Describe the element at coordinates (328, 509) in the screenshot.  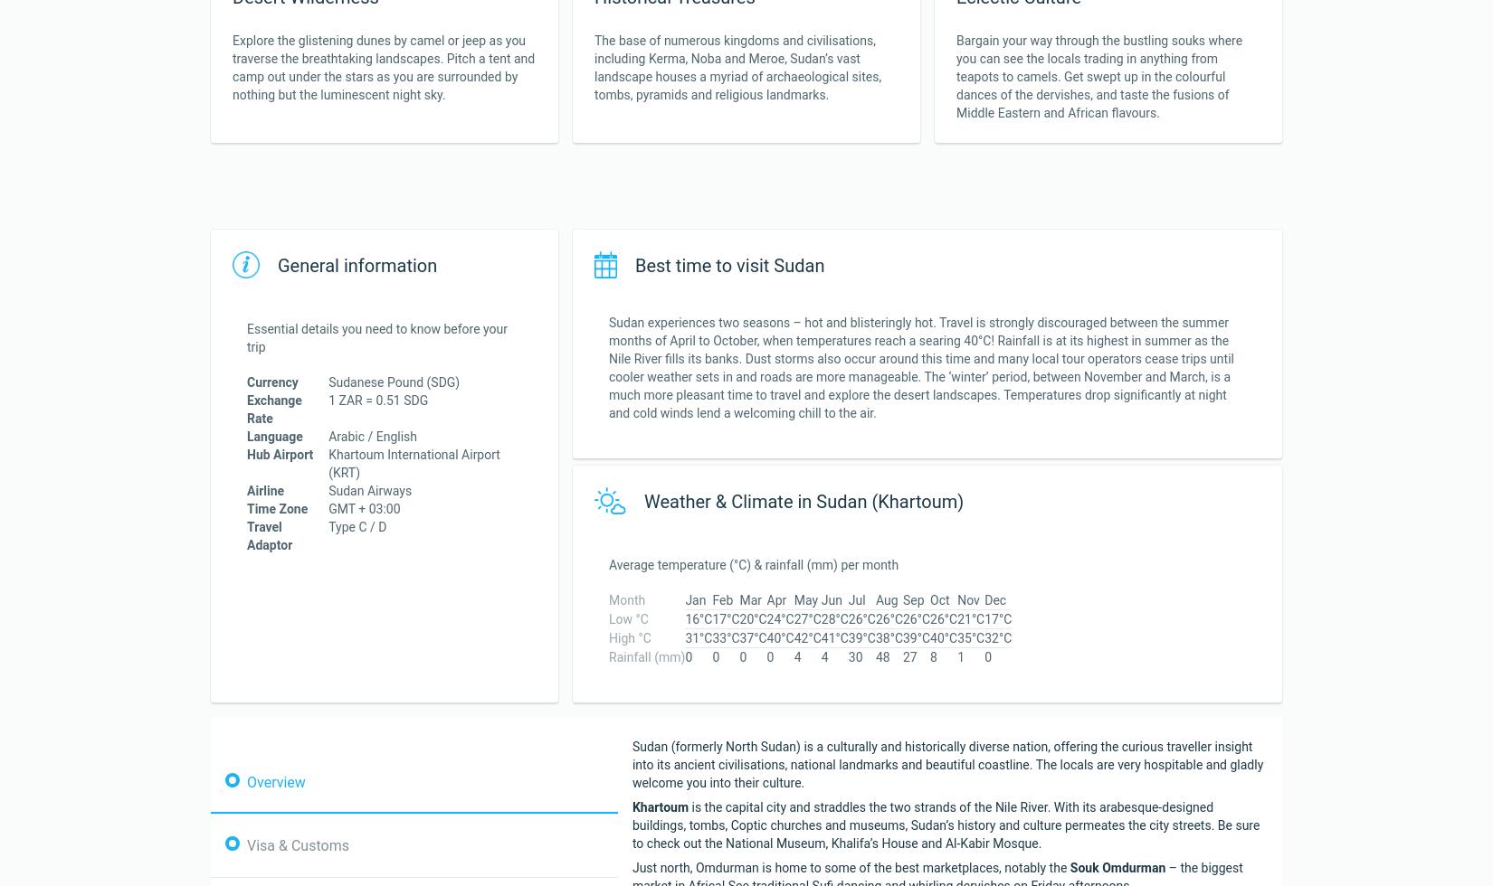
I see `'GMT + 03:00'` at that location.